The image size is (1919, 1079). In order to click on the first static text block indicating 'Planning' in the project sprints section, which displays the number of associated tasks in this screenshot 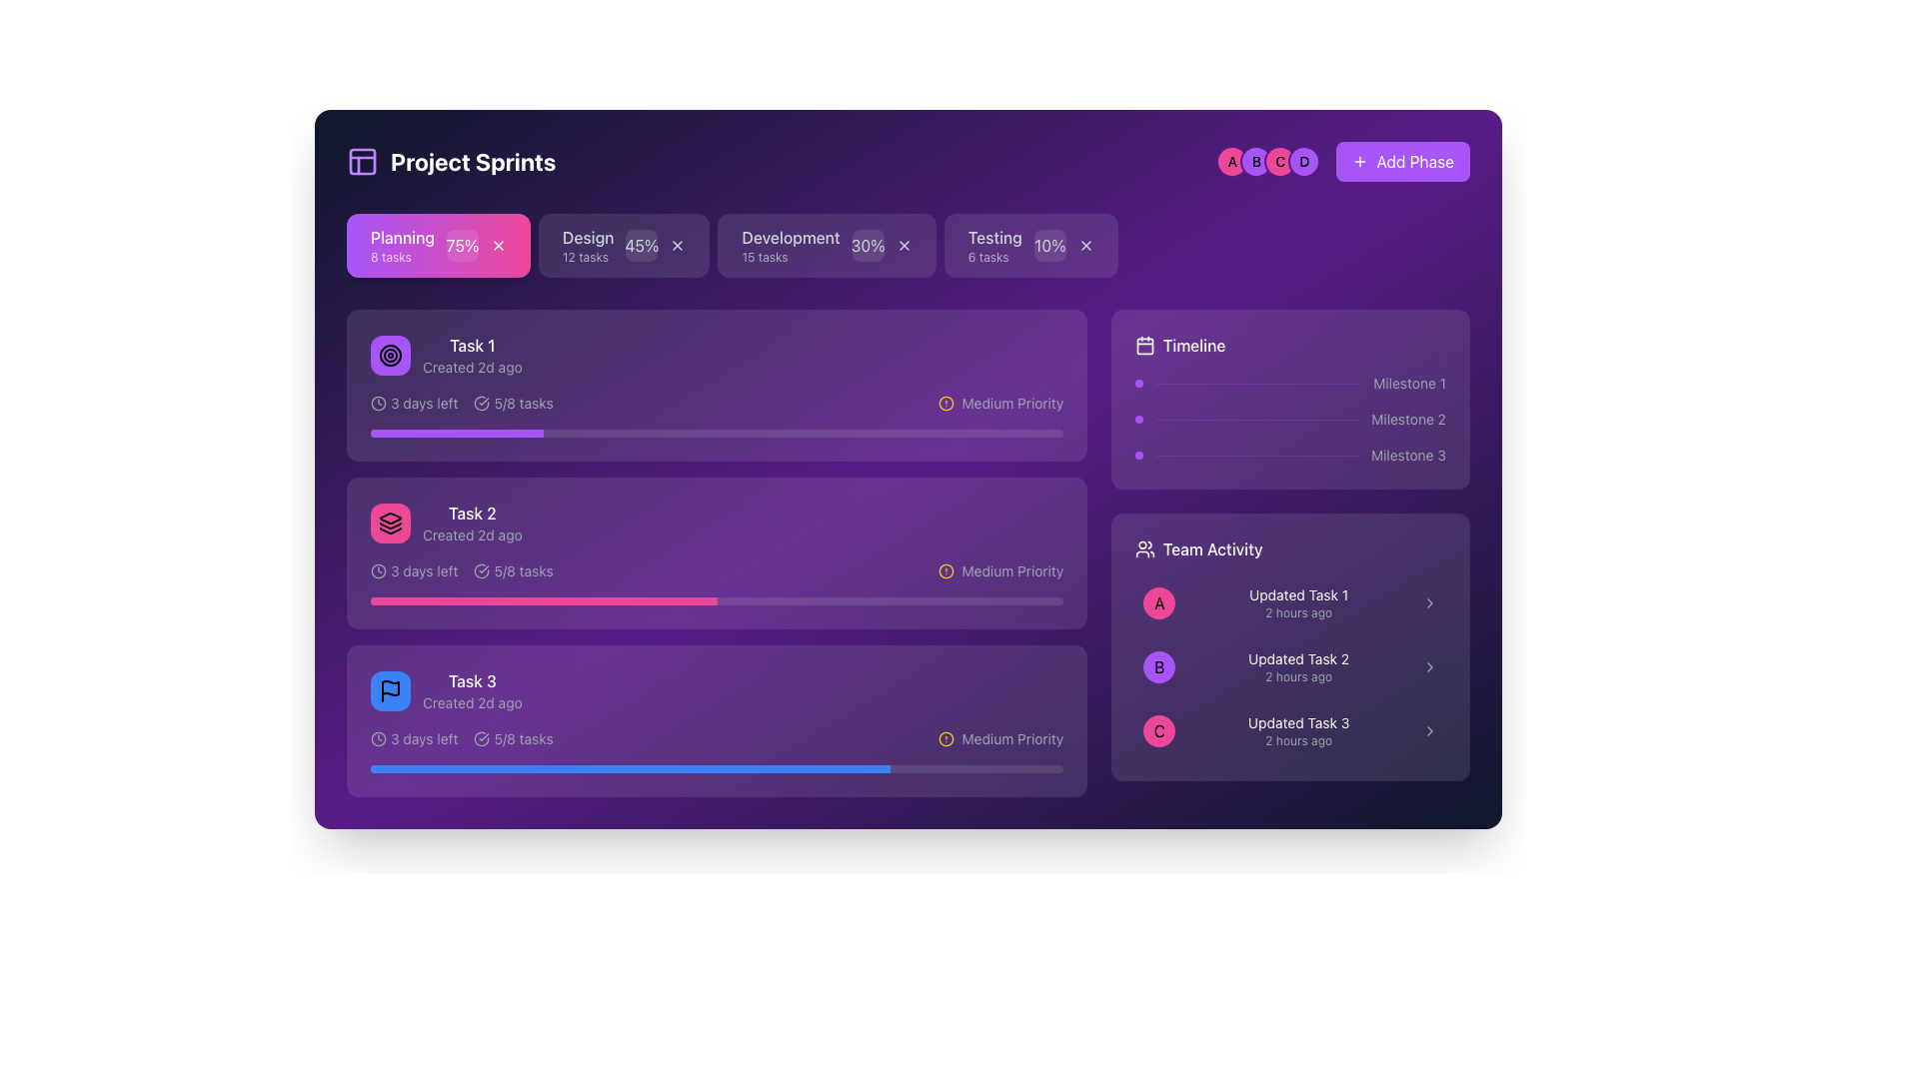, I will do `click(402, 245)`.